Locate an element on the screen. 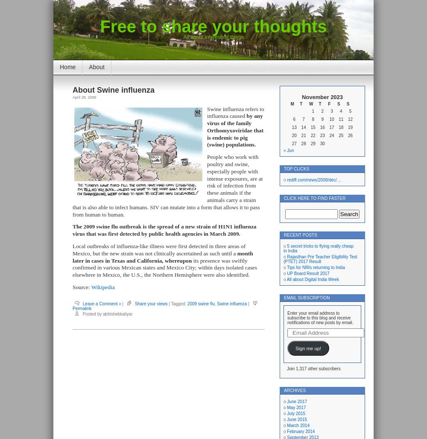 This screenshot has height=439, width=427. '27' is located at coordinates (292, 143).